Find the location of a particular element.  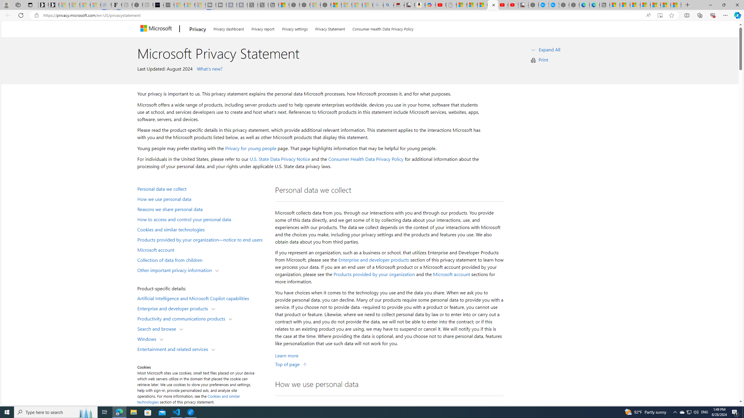

'Other important privacy information' is located at coordinates (176, 269).